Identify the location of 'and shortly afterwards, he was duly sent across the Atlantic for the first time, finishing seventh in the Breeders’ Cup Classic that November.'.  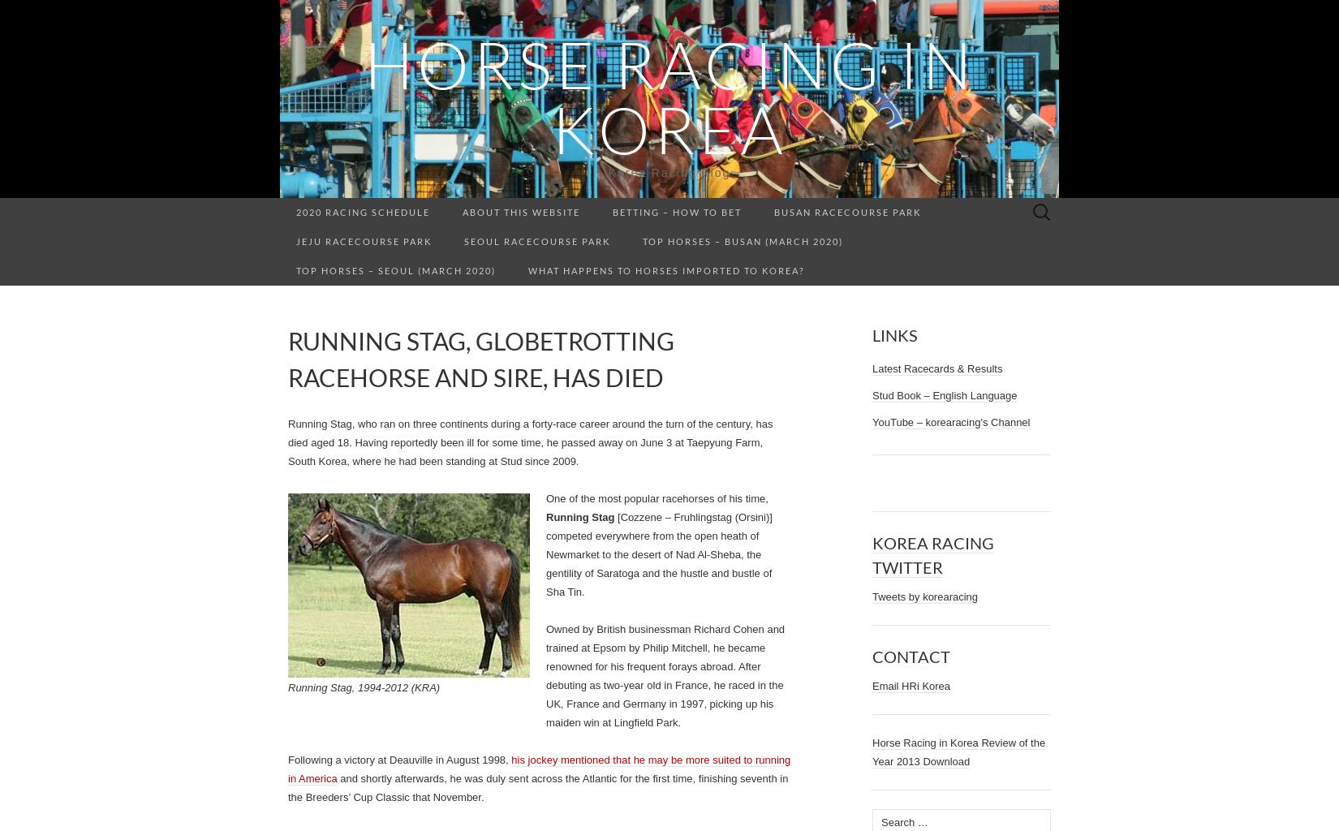
(288, 787).